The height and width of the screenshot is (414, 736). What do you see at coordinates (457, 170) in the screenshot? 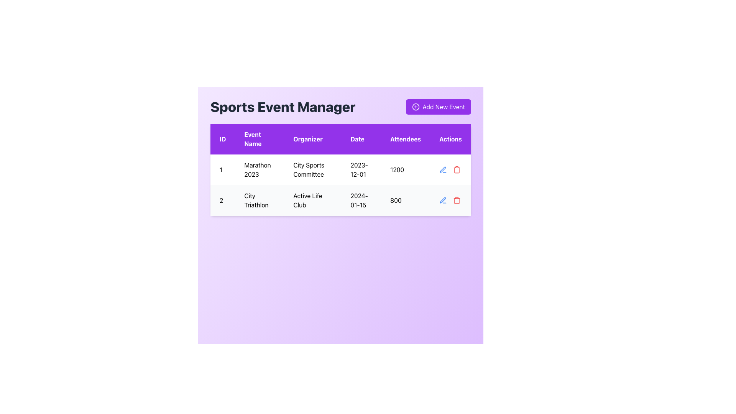
I see `the trash can icon component located in the second row under the 'Actions' column of the table, which represents a delete action` at bounding box center [457, 170].